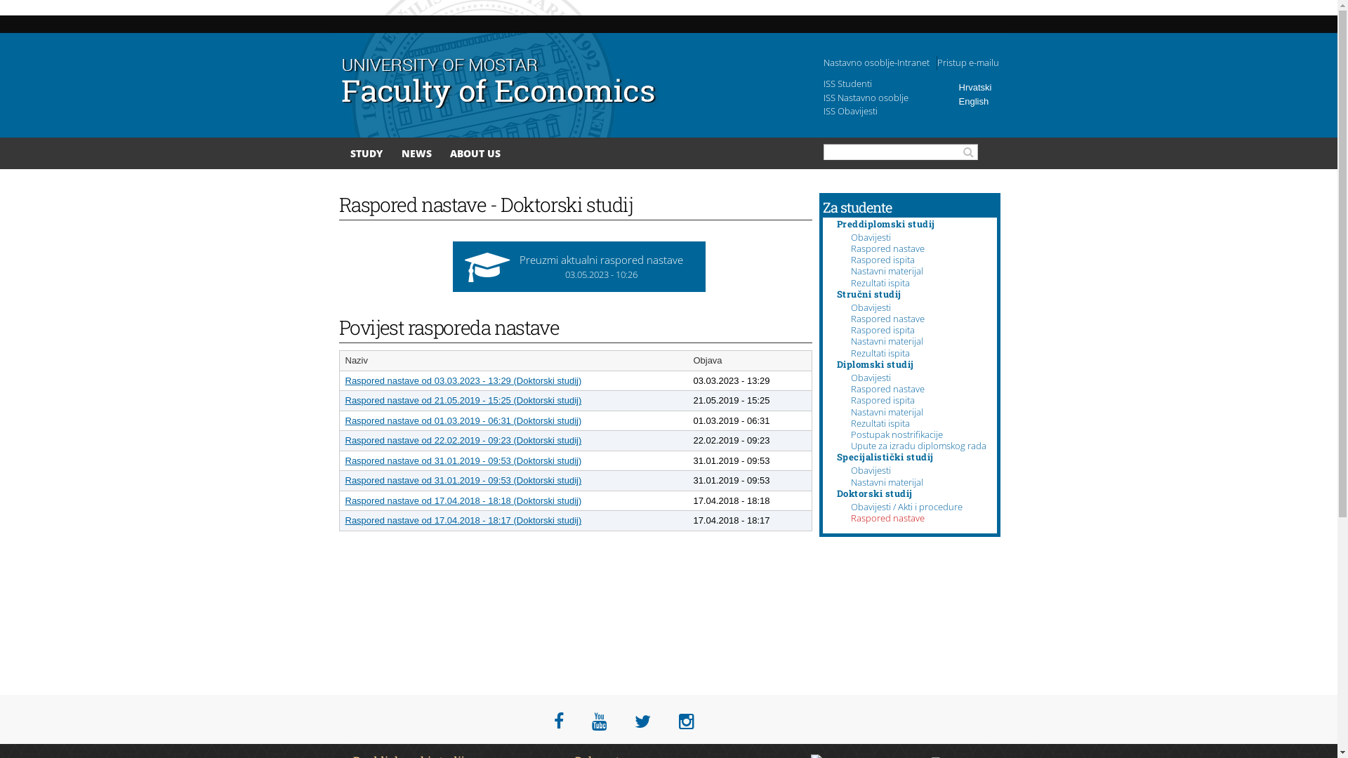 The width and height of the screenshot is (1348, 758). I want to click on 'Search', so click(970, 152).